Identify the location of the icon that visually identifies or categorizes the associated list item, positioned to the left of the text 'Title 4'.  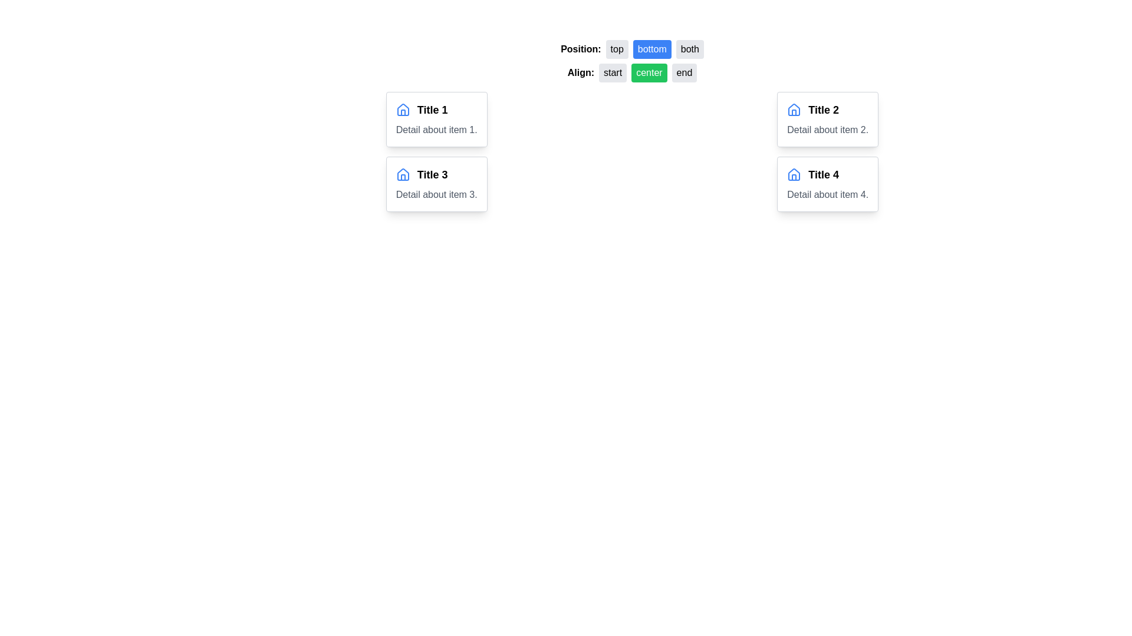
(794, 175).